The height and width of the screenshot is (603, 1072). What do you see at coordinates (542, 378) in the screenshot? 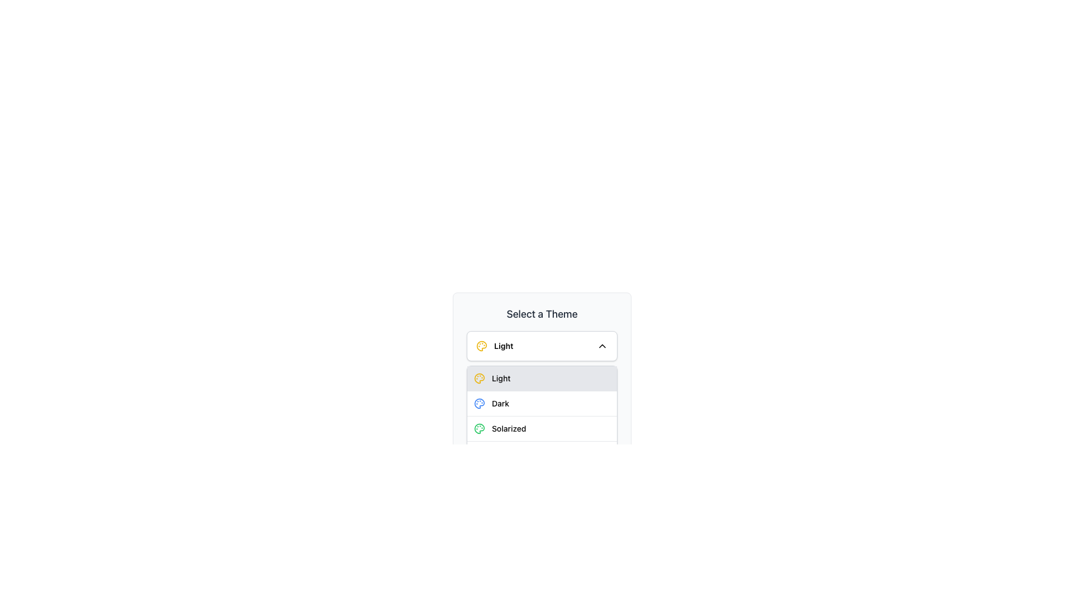
I see `the first button in the theme selection menu` at bounding box center [542, 378].